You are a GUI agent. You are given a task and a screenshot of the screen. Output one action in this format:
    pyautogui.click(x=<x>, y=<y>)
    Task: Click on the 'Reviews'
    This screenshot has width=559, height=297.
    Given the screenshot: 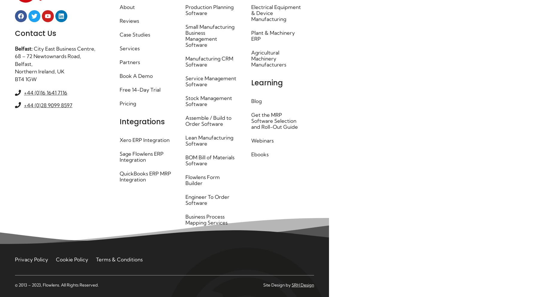 What is the action you would take?
    pyautogui.click(x=129, y=21)
    